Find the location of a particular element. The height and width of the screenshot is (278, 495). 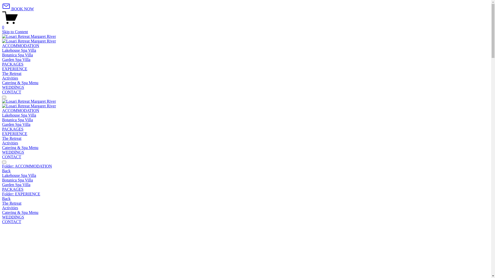

'BOOK NOW' is located at coordinates (18, 9).